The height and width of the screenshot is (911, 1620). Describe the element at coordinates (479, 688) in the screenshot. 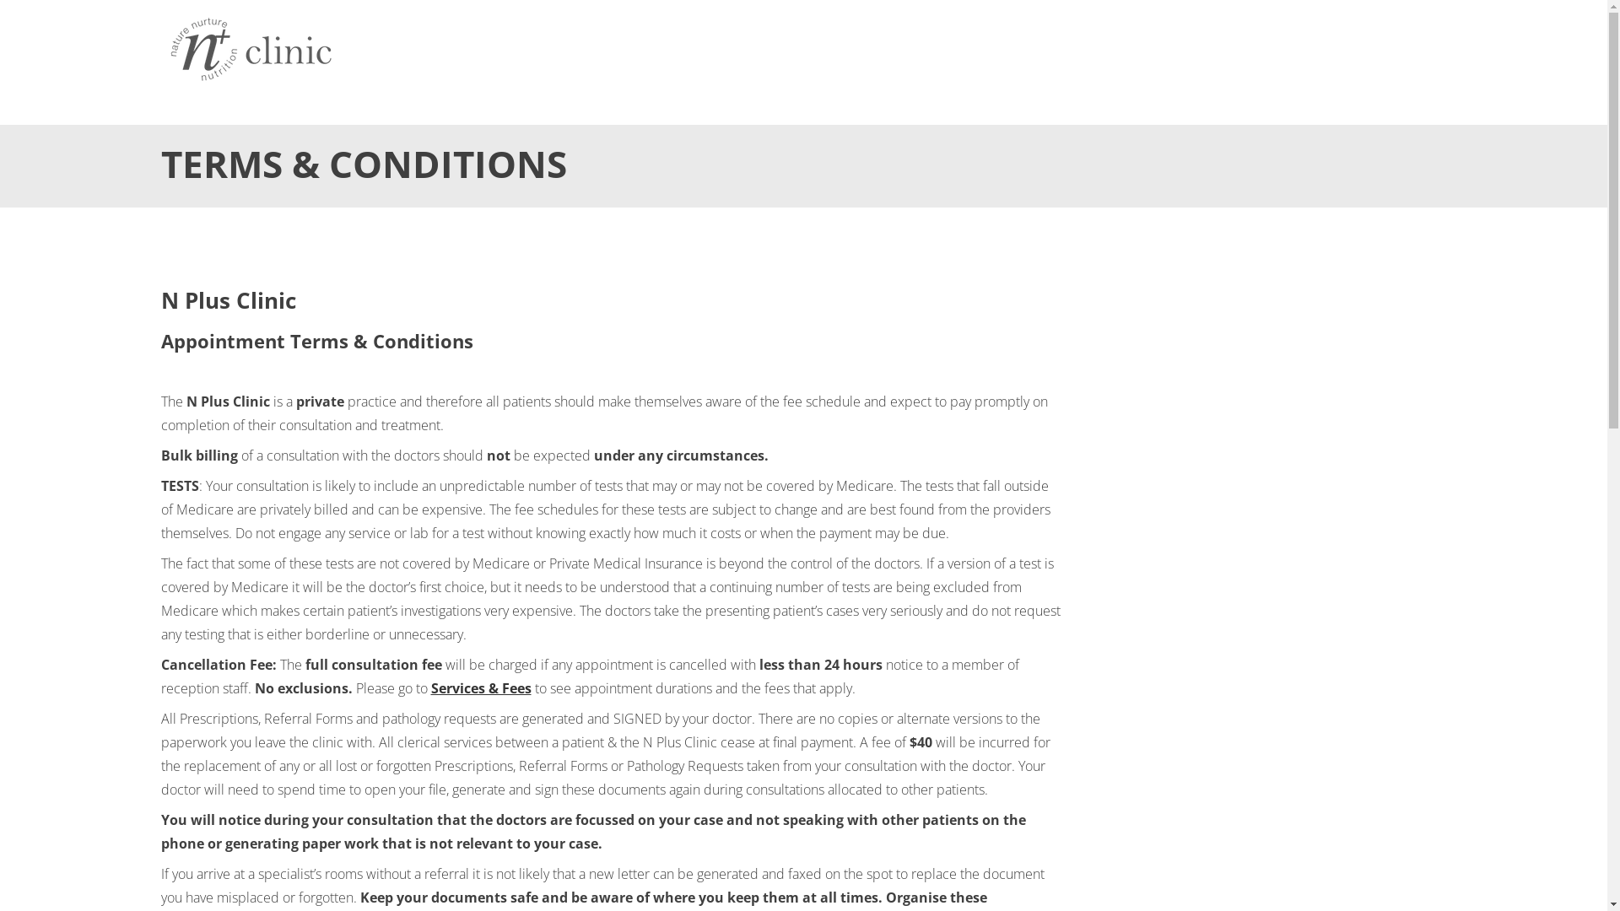

I see `'Services & Fees'` at that location.